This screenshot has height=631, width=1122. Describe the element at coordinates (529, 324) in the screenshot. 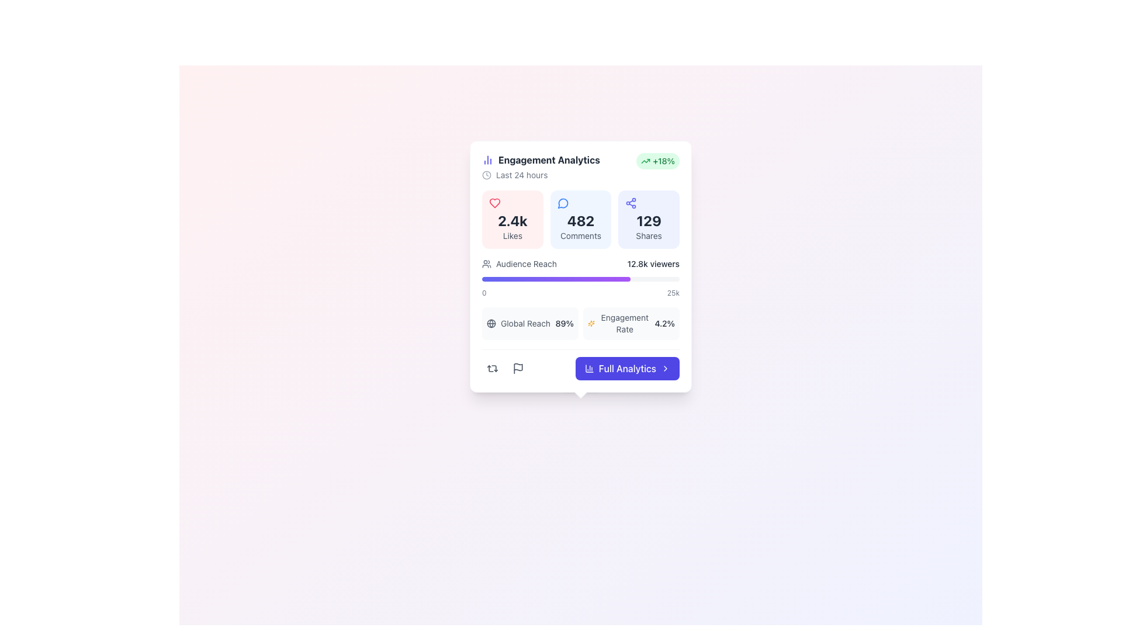

I see `the Informational display element labeled 'Global Reach' with a globe icon and a value of '89%' for more details` at that location.